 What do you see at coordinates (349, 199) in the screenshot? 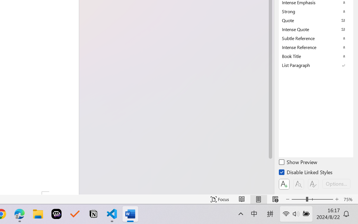
I see `'Zoom 75%'` at bounding box center [349, 199].